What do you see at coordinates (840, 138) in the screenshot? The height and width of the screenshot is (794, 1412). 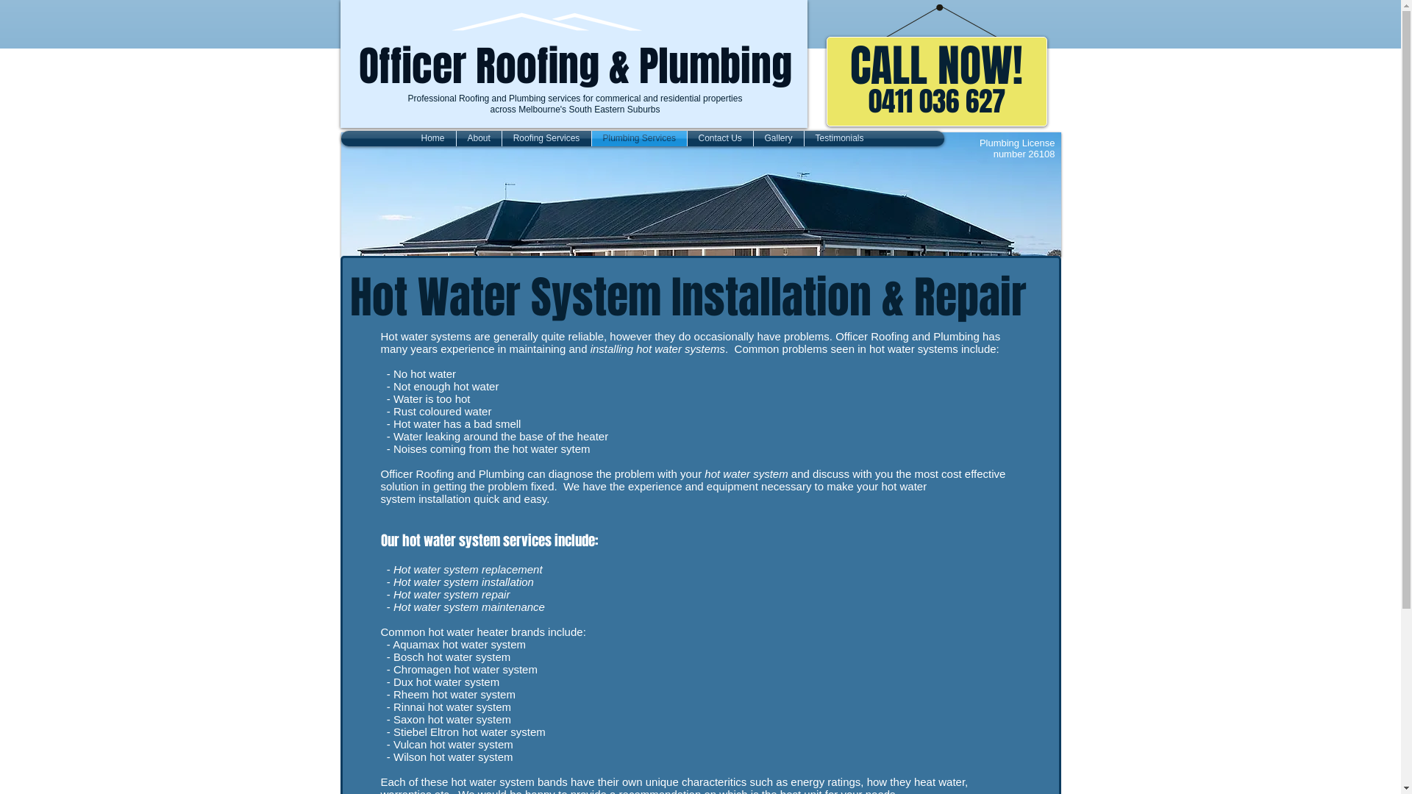 I see `'Testimonials'` at bounding box center [840, 138].